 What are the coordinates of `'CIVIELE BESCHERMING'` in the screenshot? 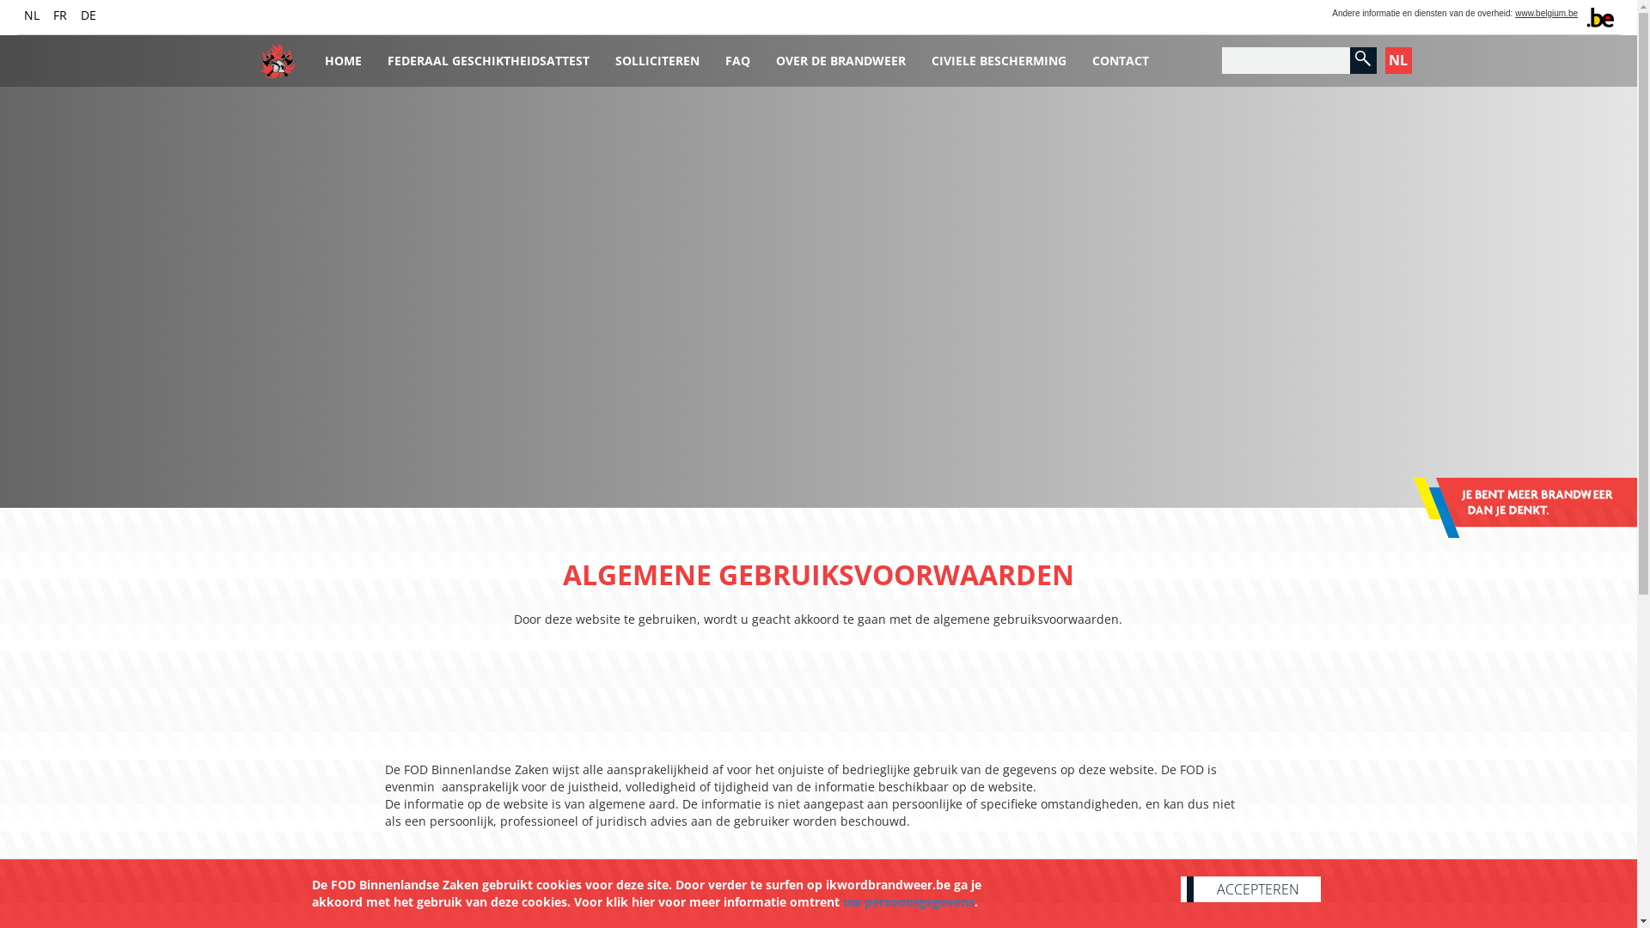 It's located at (998, 54).